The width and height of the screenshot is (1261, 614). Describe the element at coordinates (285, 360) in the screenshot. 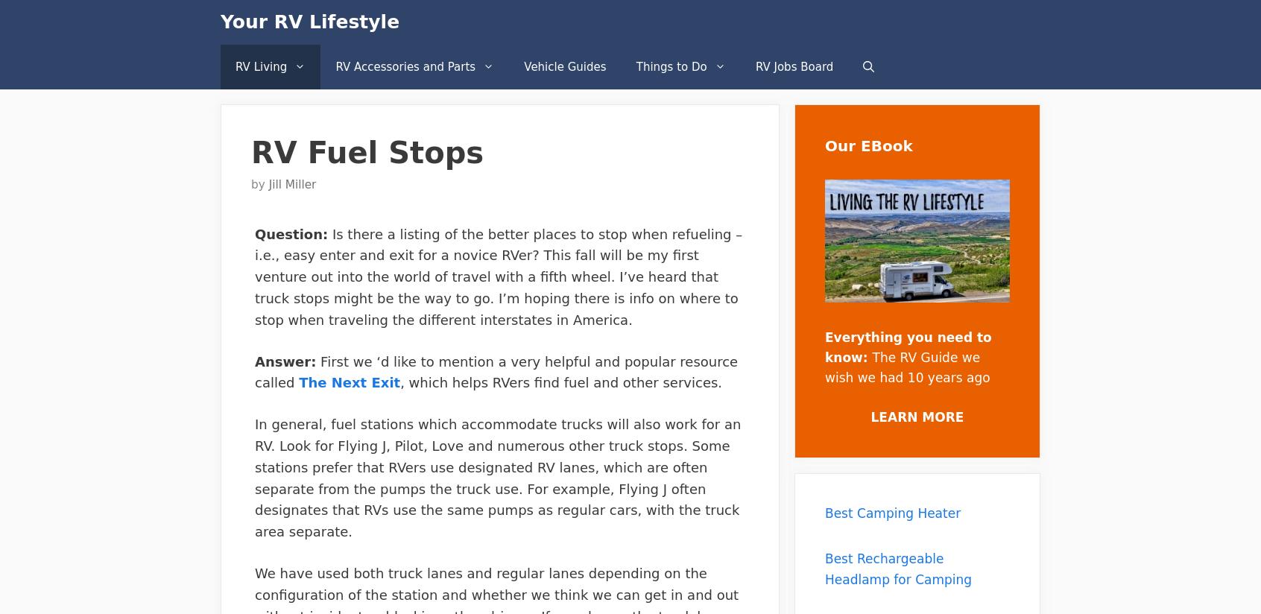

I see `'Answer:'` at that location.